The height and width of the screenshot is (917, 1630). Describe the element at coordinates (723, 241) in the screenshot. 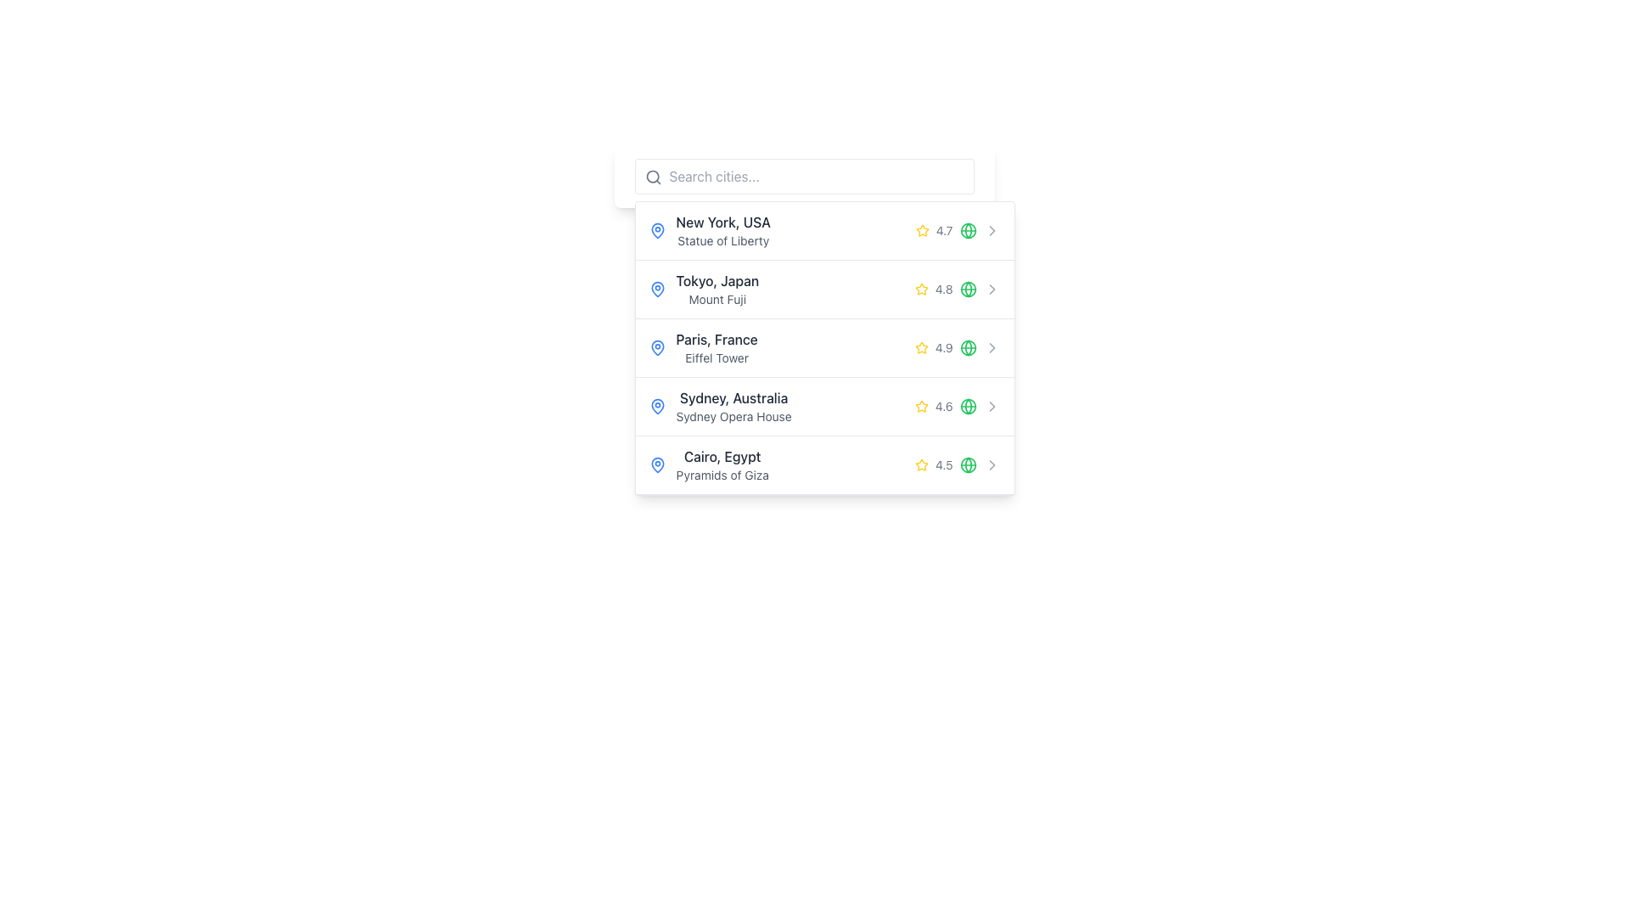

I see `the text label that provides additional descriptive information about the landmark associated with 'New York, USA', specifically the second line under the main city label` at that location.